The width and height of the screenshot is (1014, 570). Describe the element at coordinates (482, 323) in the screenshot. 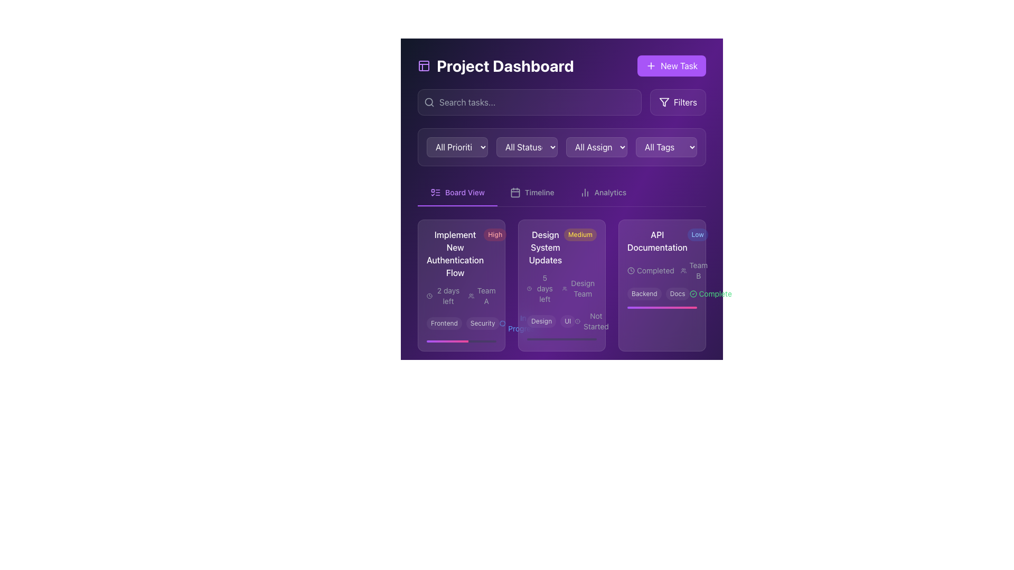

I see `the tag/label indicating a category, attribute, or status related to the card content labeled 'Implement New Authentication Flow', positioned in the bottom section of the card in the 'Board View', to the right of the label with the text 'Frontend'` at that location.